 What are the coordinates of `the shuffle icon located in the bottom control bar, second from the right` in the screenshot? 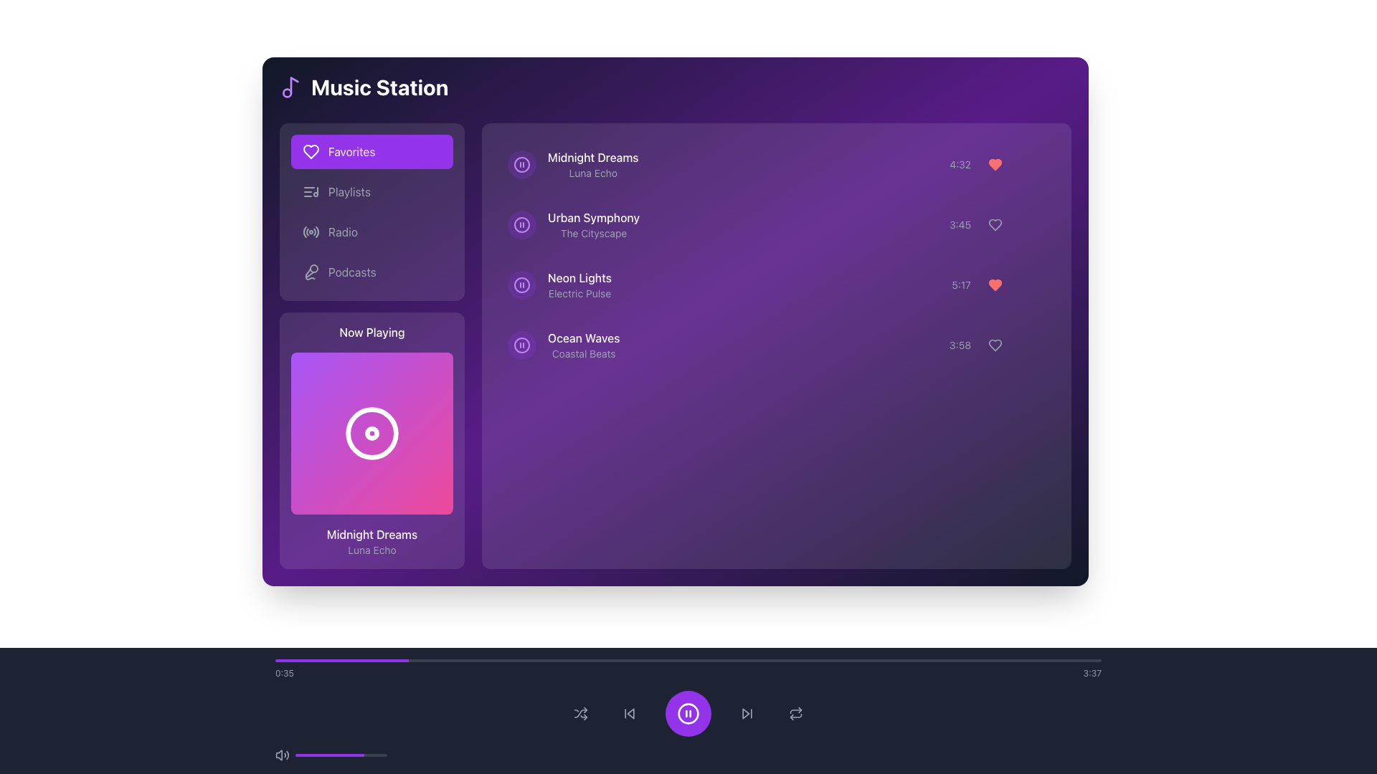 It's located at (581, 713).